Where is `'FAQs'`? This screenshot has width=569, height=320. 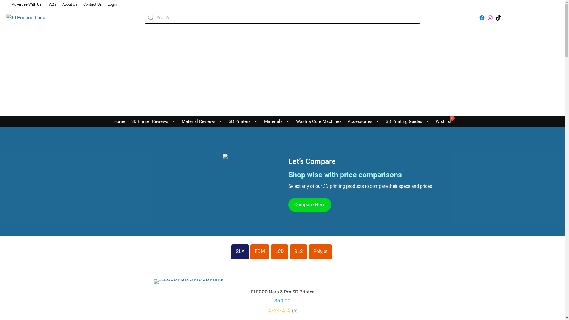
'FAQs' is located at coordinates (52, 4).